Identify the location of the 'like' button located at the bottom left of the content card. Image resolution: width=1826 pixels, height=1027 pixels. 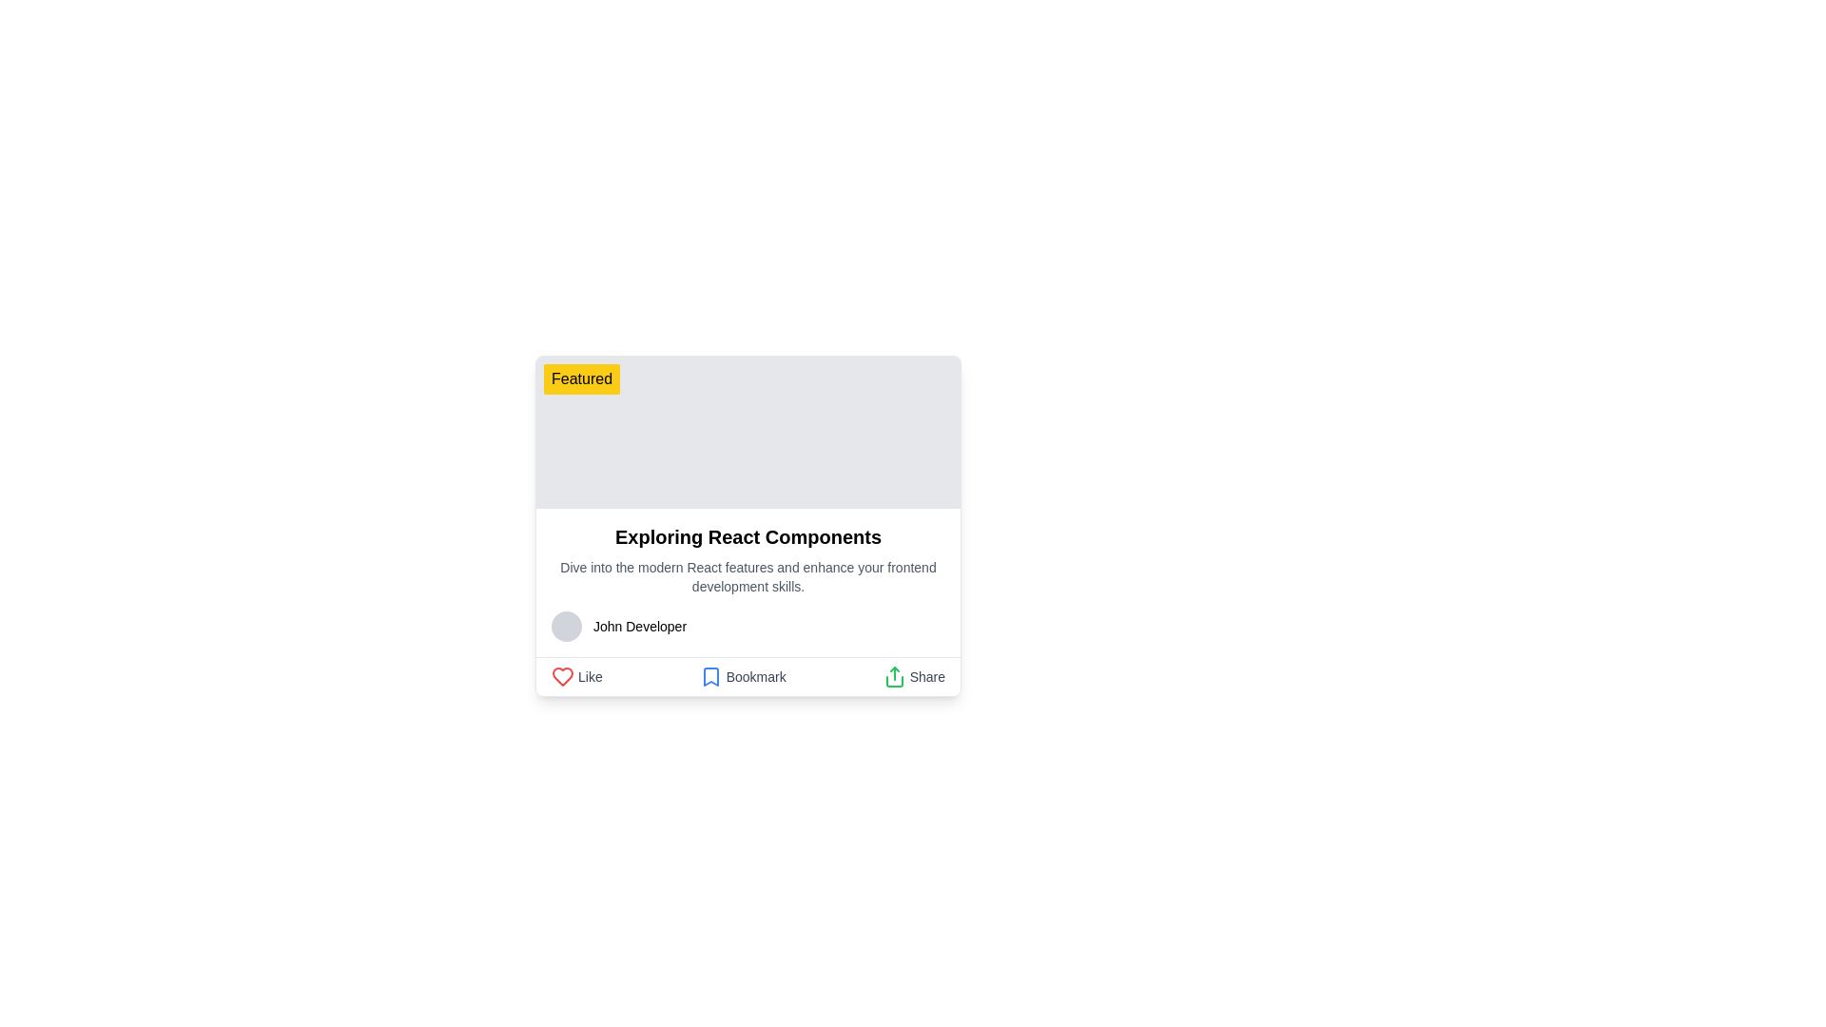
(575, 676).